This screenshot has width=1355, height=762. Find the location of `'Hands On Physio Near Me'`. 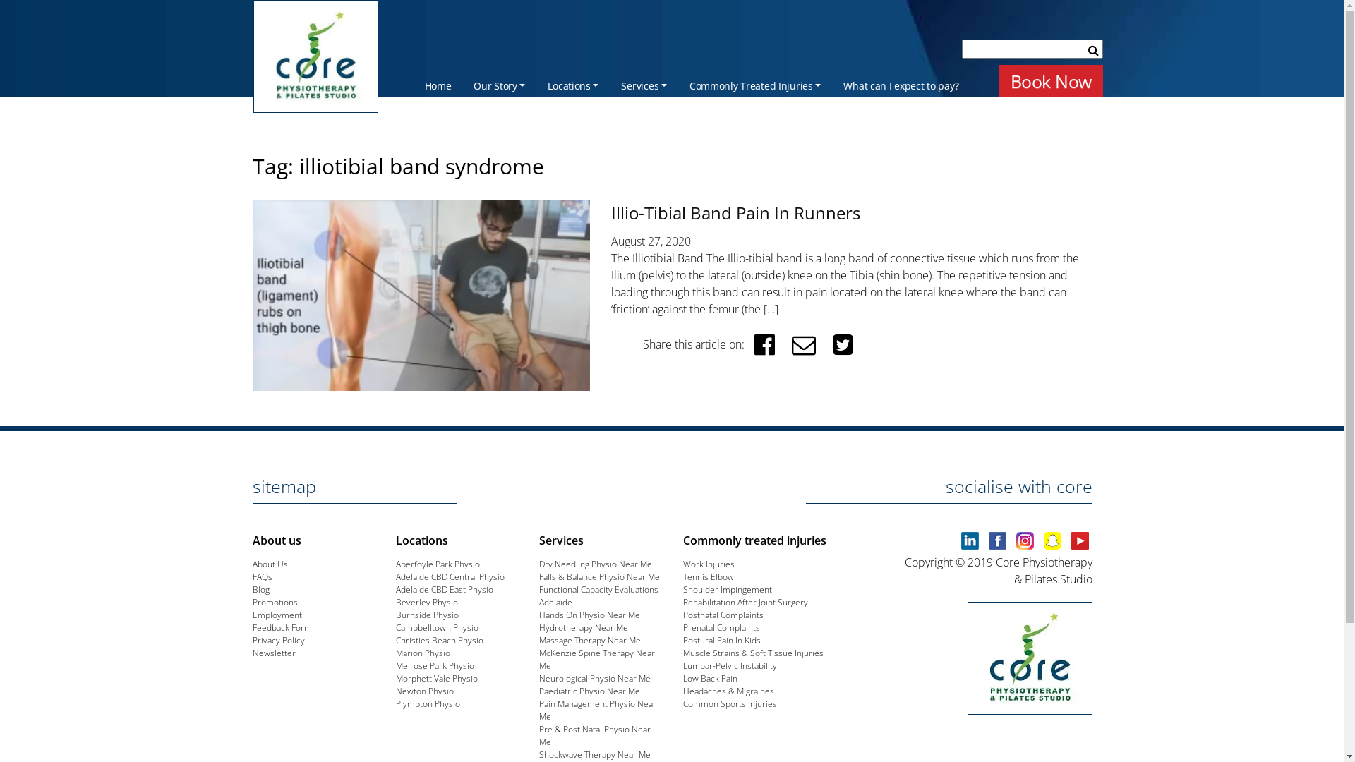

'Hands On Physio Near Me' is located at coordinates (589, 614).